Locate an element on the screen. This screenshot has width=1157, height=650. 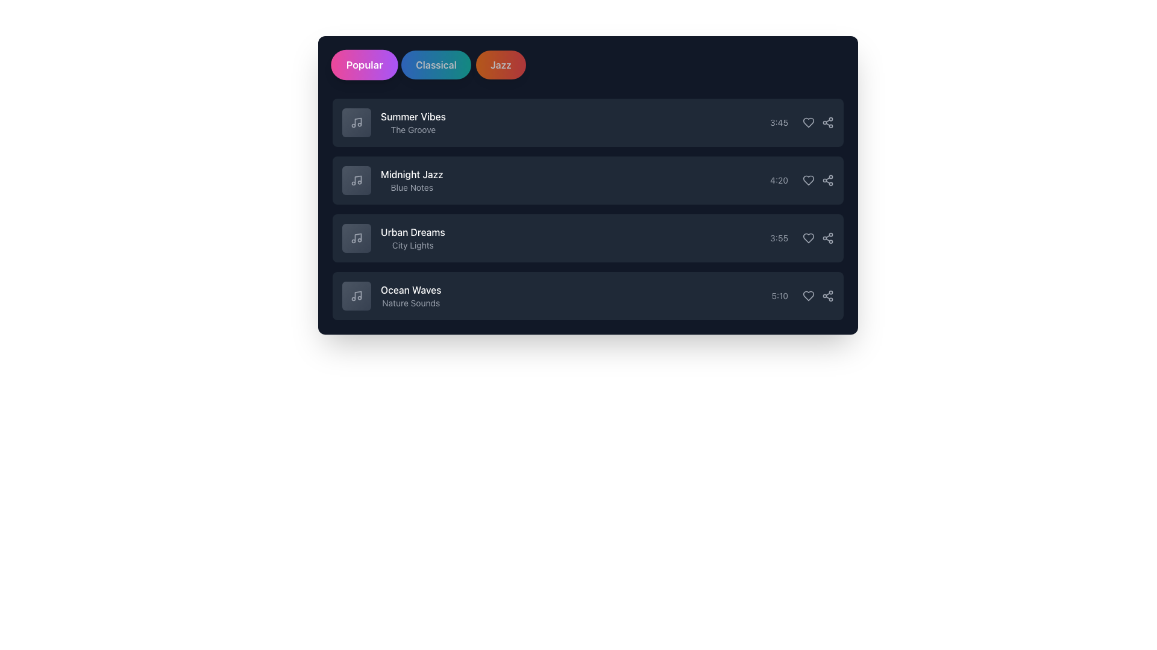
the text label displaying the time '4:20' in a gray font, located in the second track's row, on the right side adjacent to interactive icons is located at coordinates (779, 181).